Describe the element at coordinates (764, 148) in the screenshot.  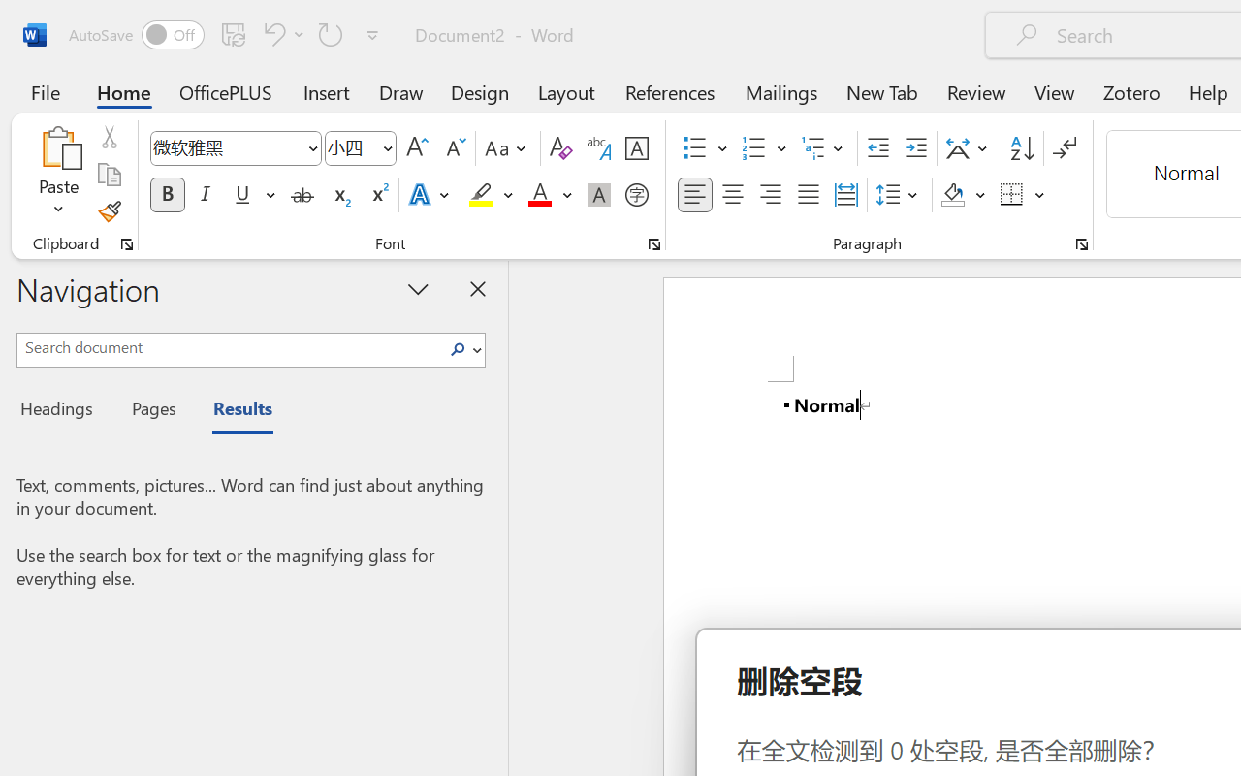
I see `'Numbering'` at that location.